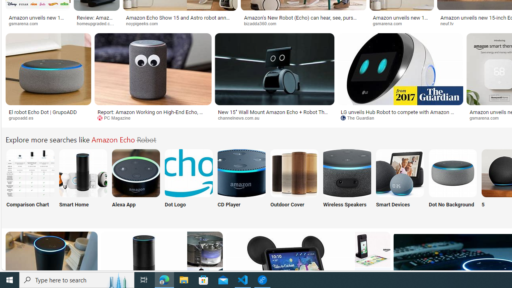 This screenshot has width=512, height=288. What do you see at coordinates (42, 112) in the screenshot?
I see `'El robot Echo Dot | GrupoADD'` at bounding box center [42, 112].